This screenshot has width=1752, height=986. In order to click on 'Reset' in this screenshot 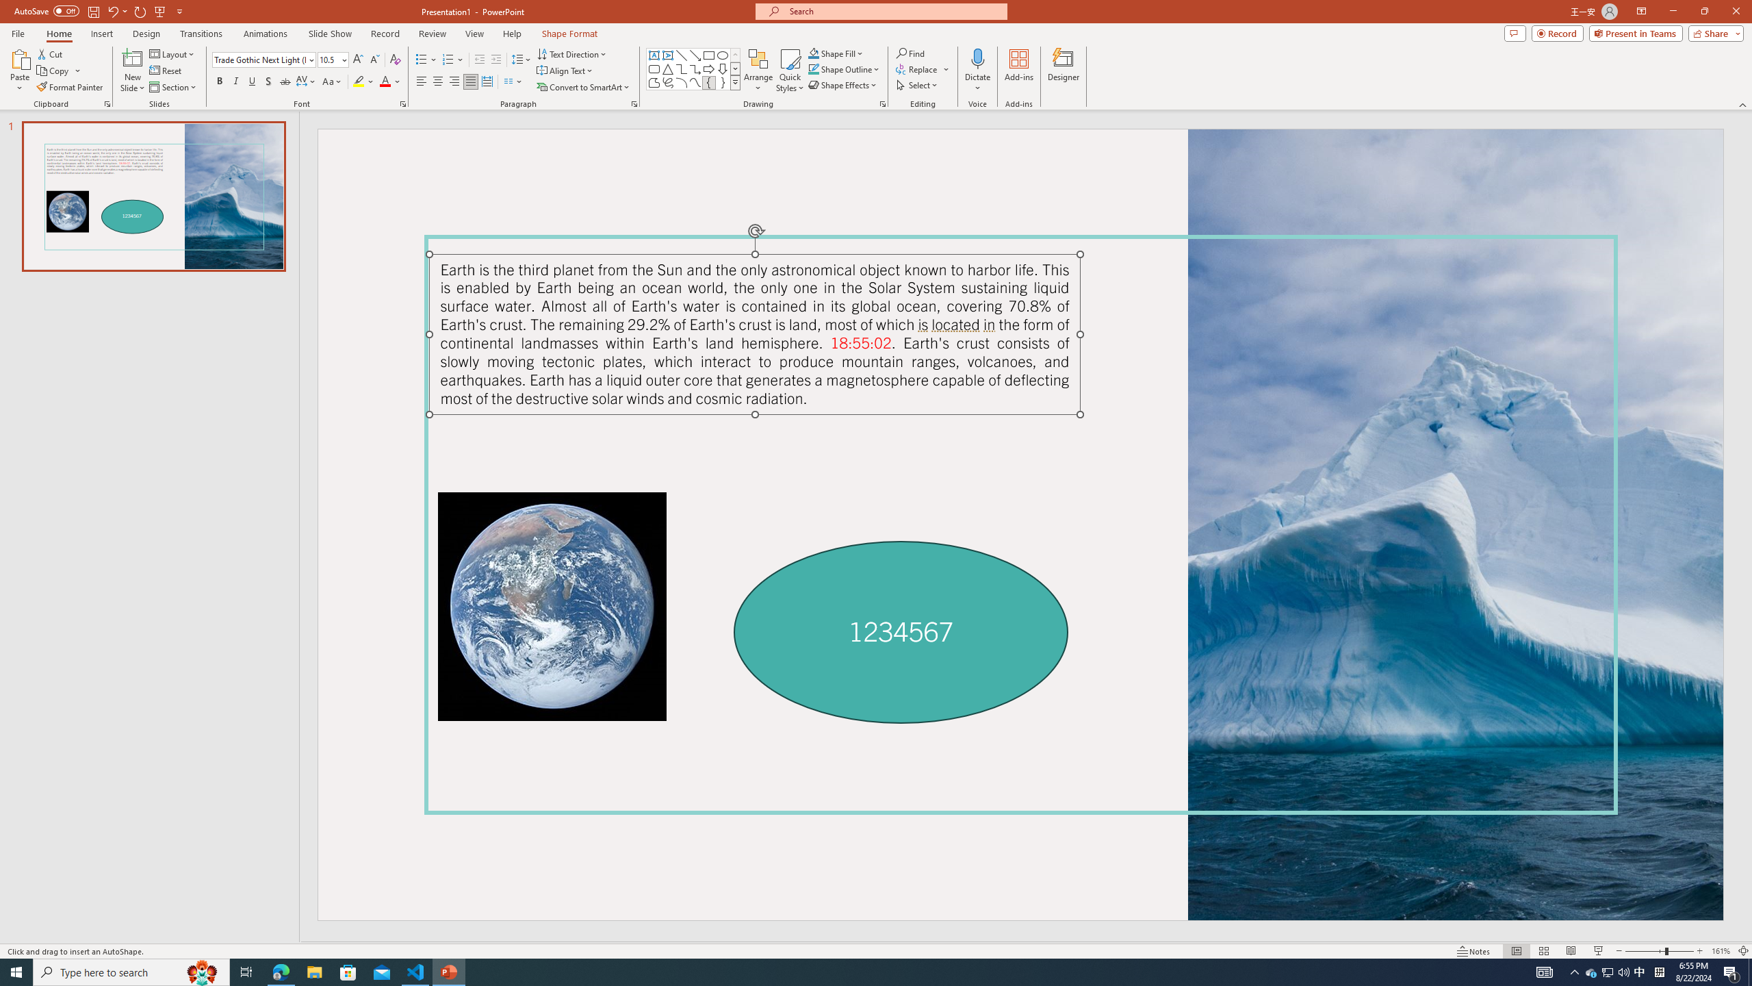, I will do `click(166, 71)`.